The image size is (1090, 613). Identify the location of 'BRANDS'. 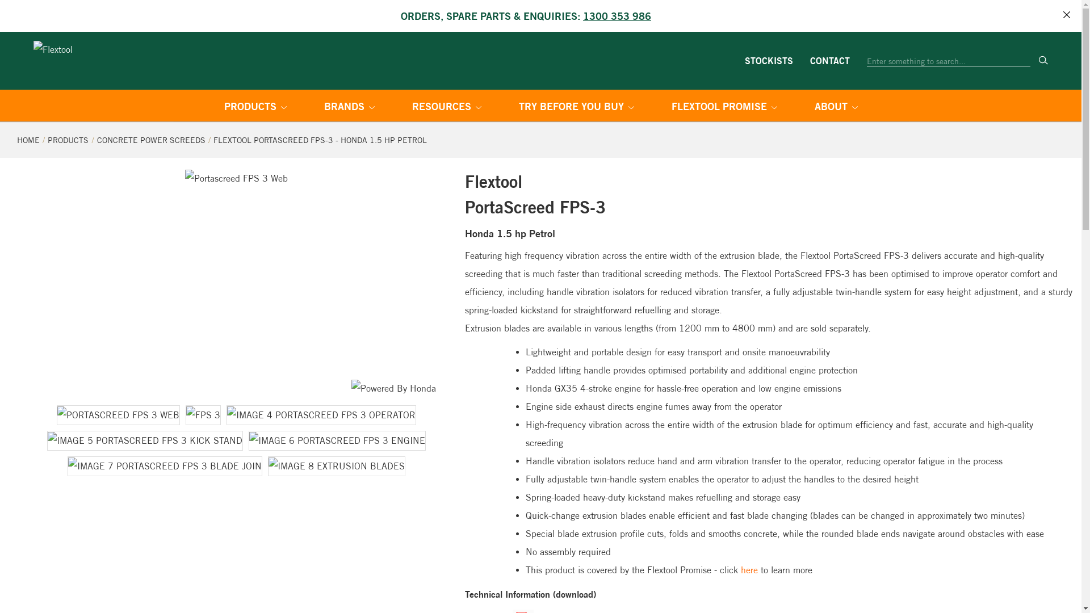
(348, 107).